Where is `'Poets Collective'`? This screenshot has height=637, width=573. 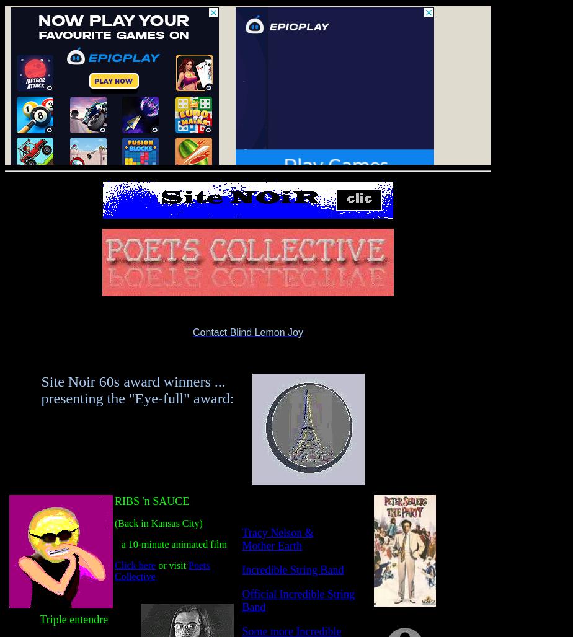
'Poets Collective' is located at coordinates (162, 571).